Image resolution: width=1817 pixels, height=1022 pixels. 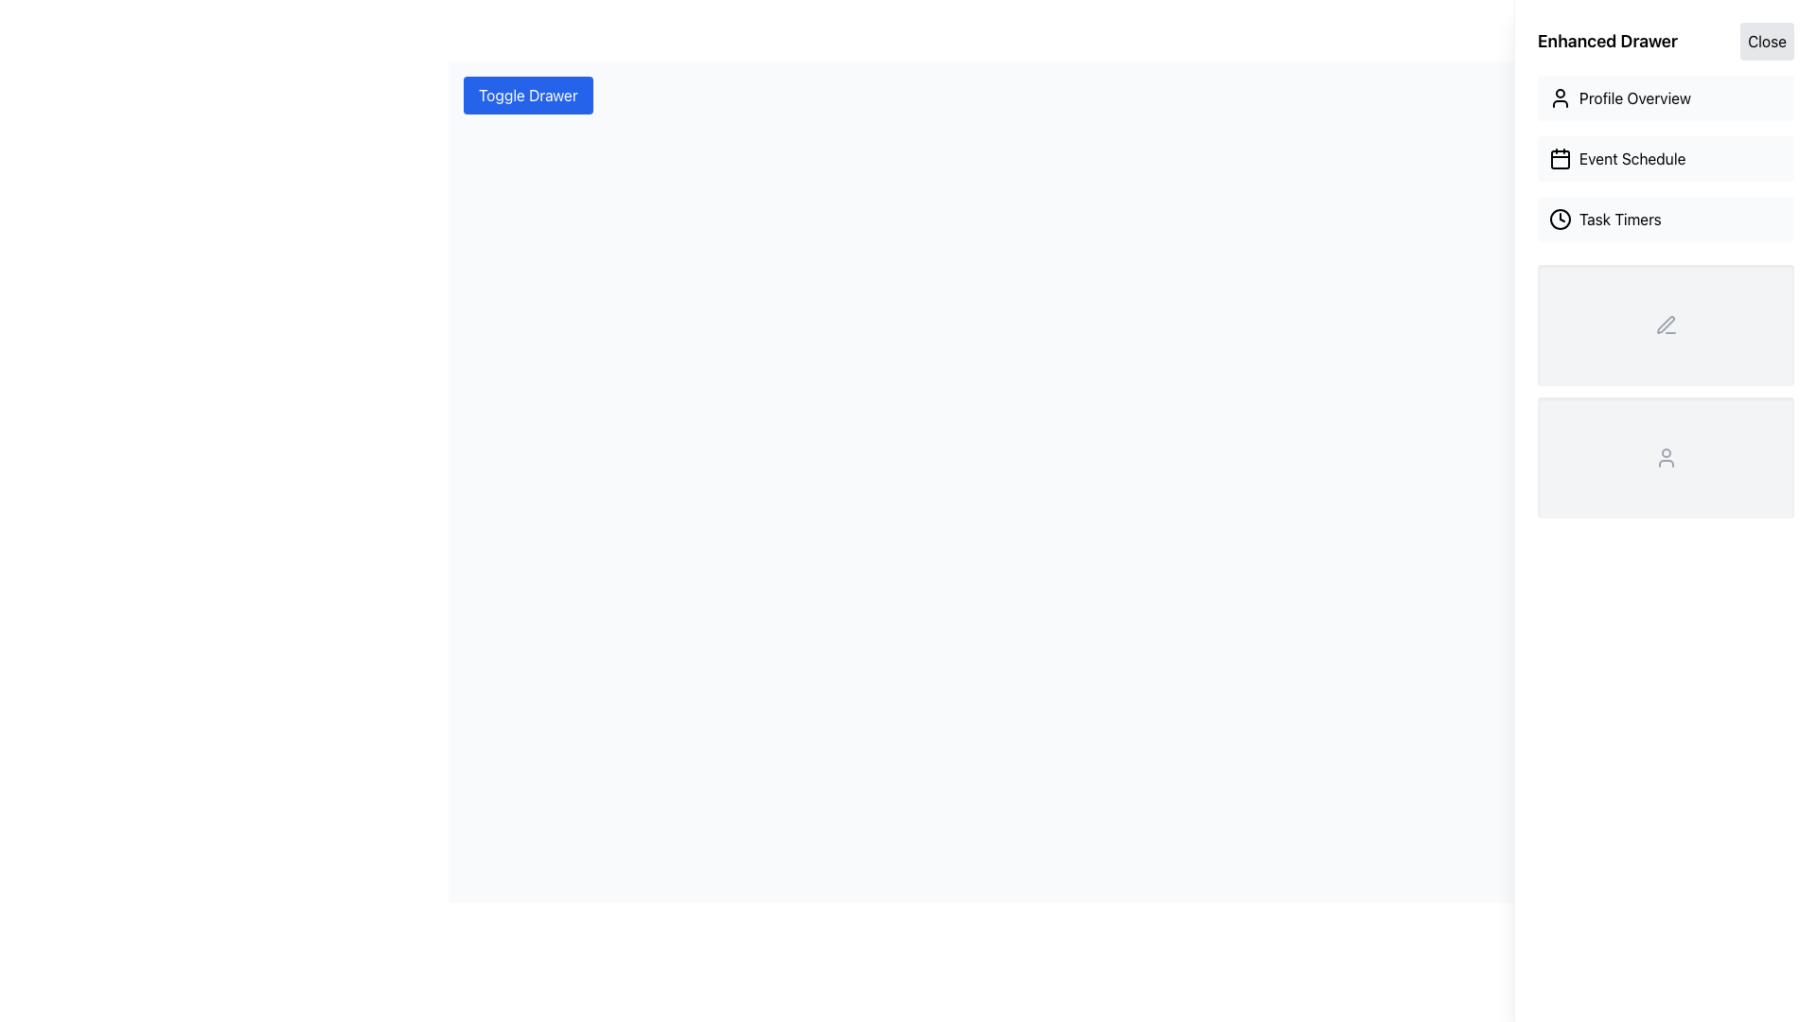 What do you see at coordinates (1666, 158) in the screenshot?
I see `the 'Profile Overview', 'Event Schedule', and 'Task Timers' rows in the vertical navigational menu located in the right fixed panel labeled 'Enhanced Drawer'` at bounding box center [1666, 158].